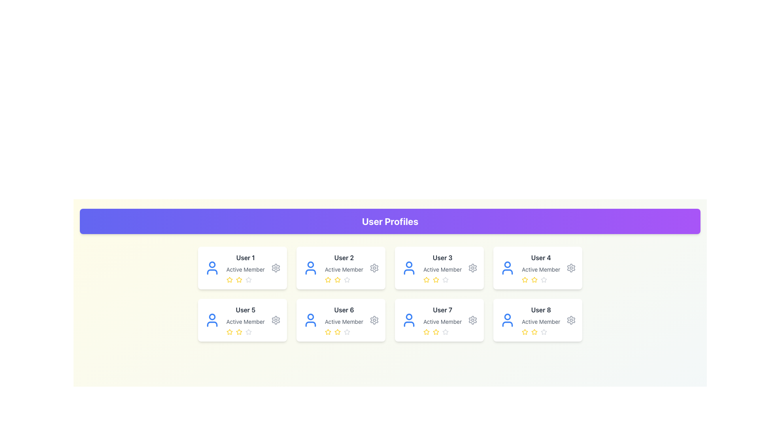  Describe the element at coordinates (571, 320) in the screenshot. I see `the gear/settings icon located at the far right of the card associated with 'User 8'` at that location.